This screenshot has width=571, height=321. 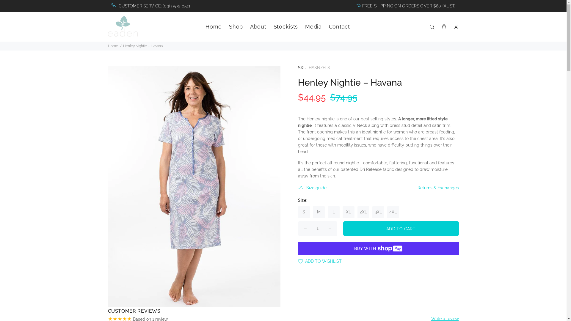 What do you see at coordinates (401, 228) in the screenshot?
I see `'ADD TO CART'` at bounding box center [401, 228].